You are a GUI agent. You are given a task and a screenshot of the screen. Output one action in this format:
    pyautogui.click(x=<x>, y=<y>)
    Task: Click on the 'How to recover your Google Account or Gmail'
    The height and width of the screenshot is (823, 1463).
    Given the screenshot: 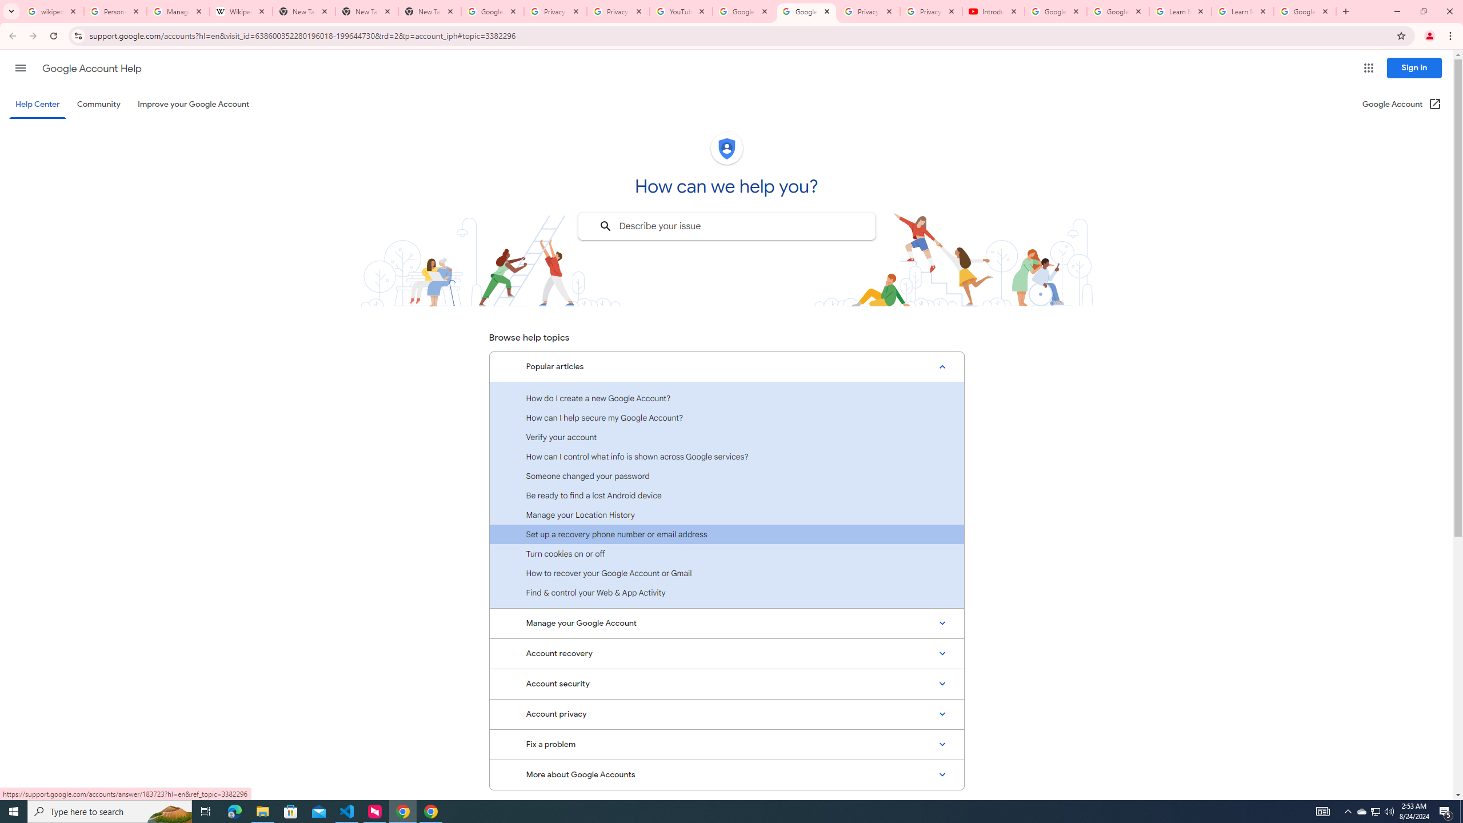 What is the action you would take?
    pyautogui.click(x=726, y=573)
    